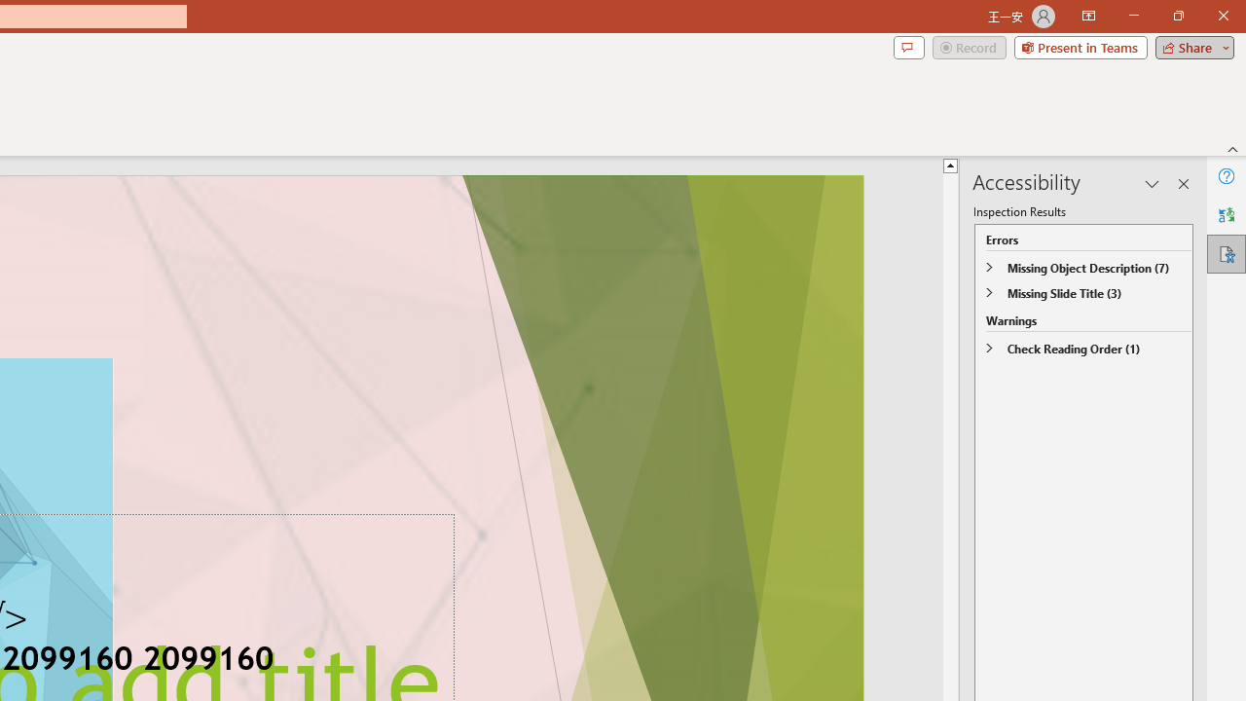 The image size is (1246, 701). I want to click on 'Share', so click(1190, 46).